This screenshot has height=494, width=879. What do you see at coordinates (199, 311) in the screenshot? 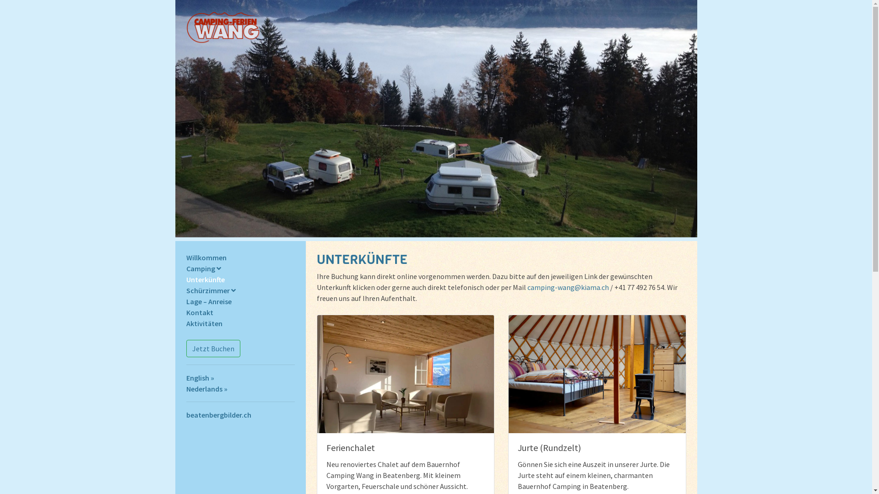
I see `'Kontakt'` at bounding box center [199, 311].